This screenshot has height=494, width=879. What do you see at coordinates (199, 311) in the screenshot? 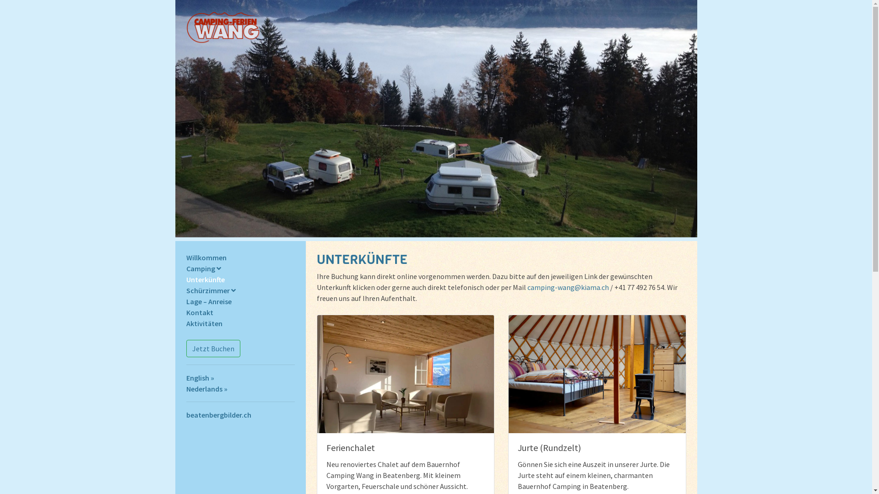
I see `'Kontakt'` at bounding box center [199, 311].